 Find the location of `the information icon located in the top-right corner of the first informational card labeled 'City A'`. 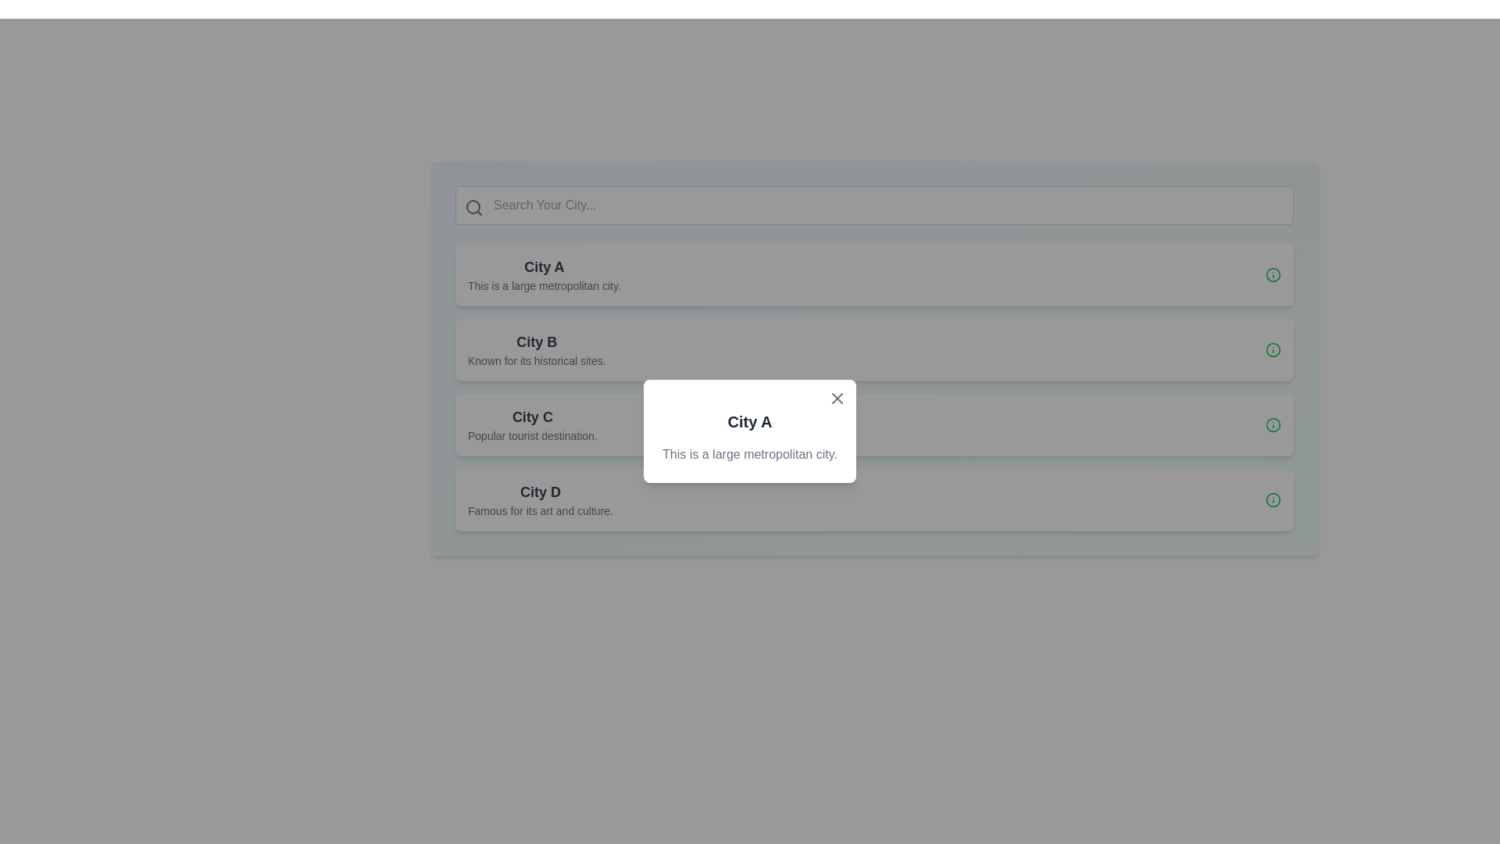

the information icon located in the top-right corner of the first informational card labeled 'City A' is located at coordinates (1273, 274).